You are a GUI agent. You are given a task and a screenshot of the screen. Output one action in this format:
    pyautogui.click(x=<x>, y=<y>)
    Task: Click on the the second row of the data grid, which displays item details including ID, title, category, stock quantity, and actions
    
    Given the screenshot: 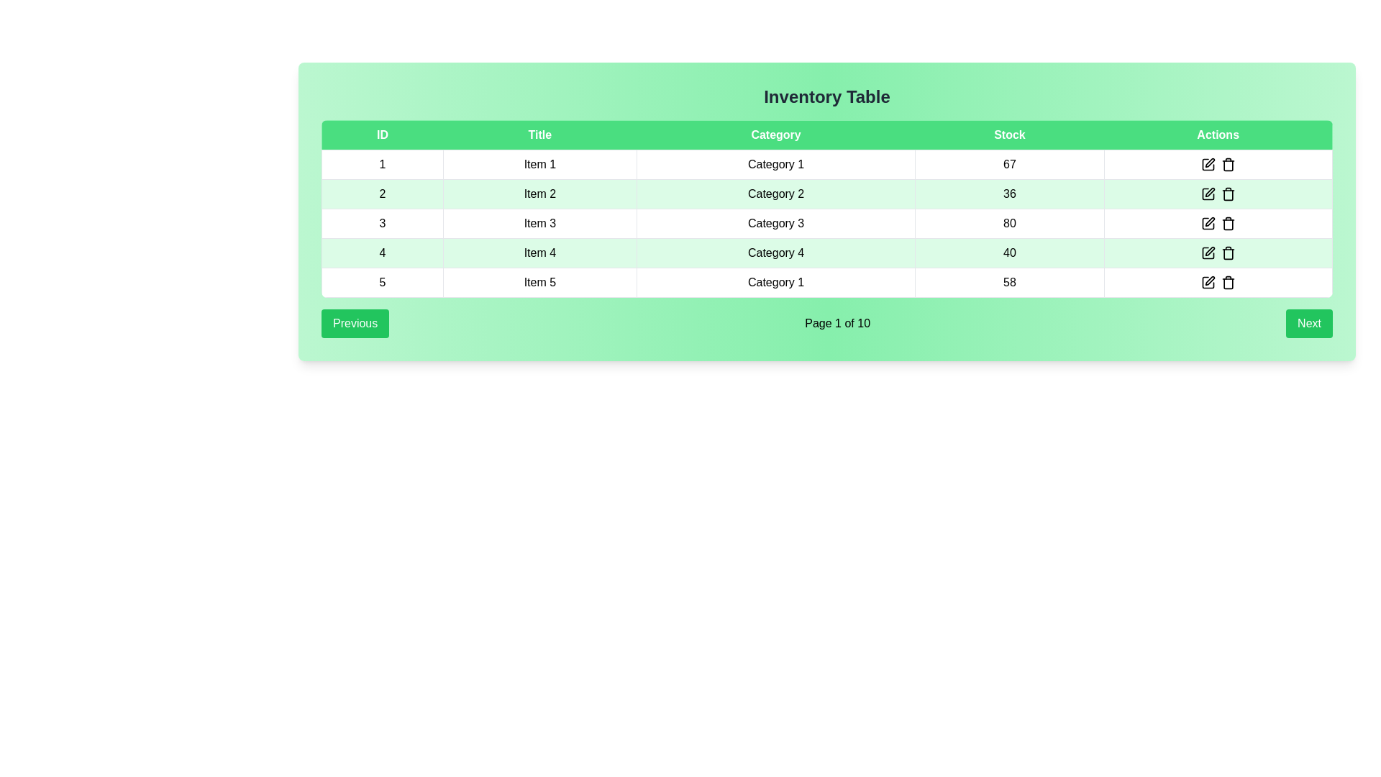 What is the action you would take?
    pyautogui.click(x=827, y=194)
    